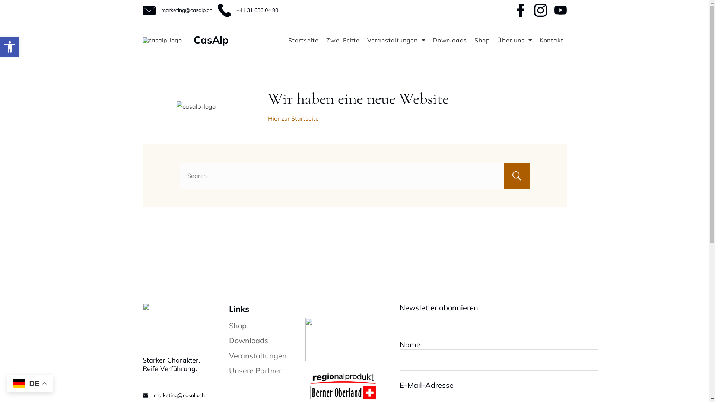  Describe the element at coordinates (255, 370) in the screenshot. I see `'Unsere Partner'` at that location.